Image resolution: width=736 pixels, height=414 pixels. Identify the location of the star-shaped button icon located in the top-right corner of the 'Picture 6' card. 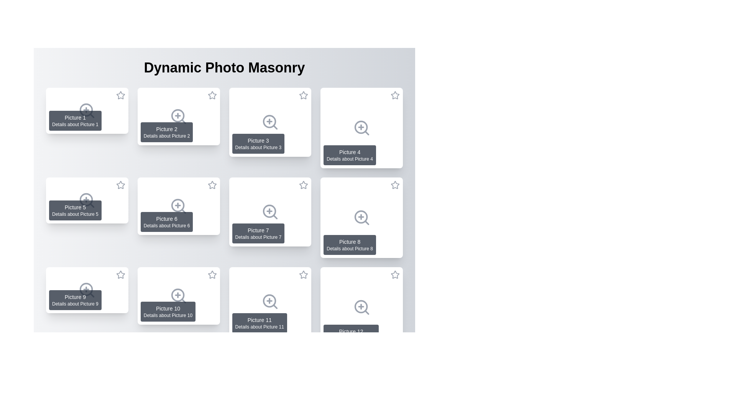
(212, 185).